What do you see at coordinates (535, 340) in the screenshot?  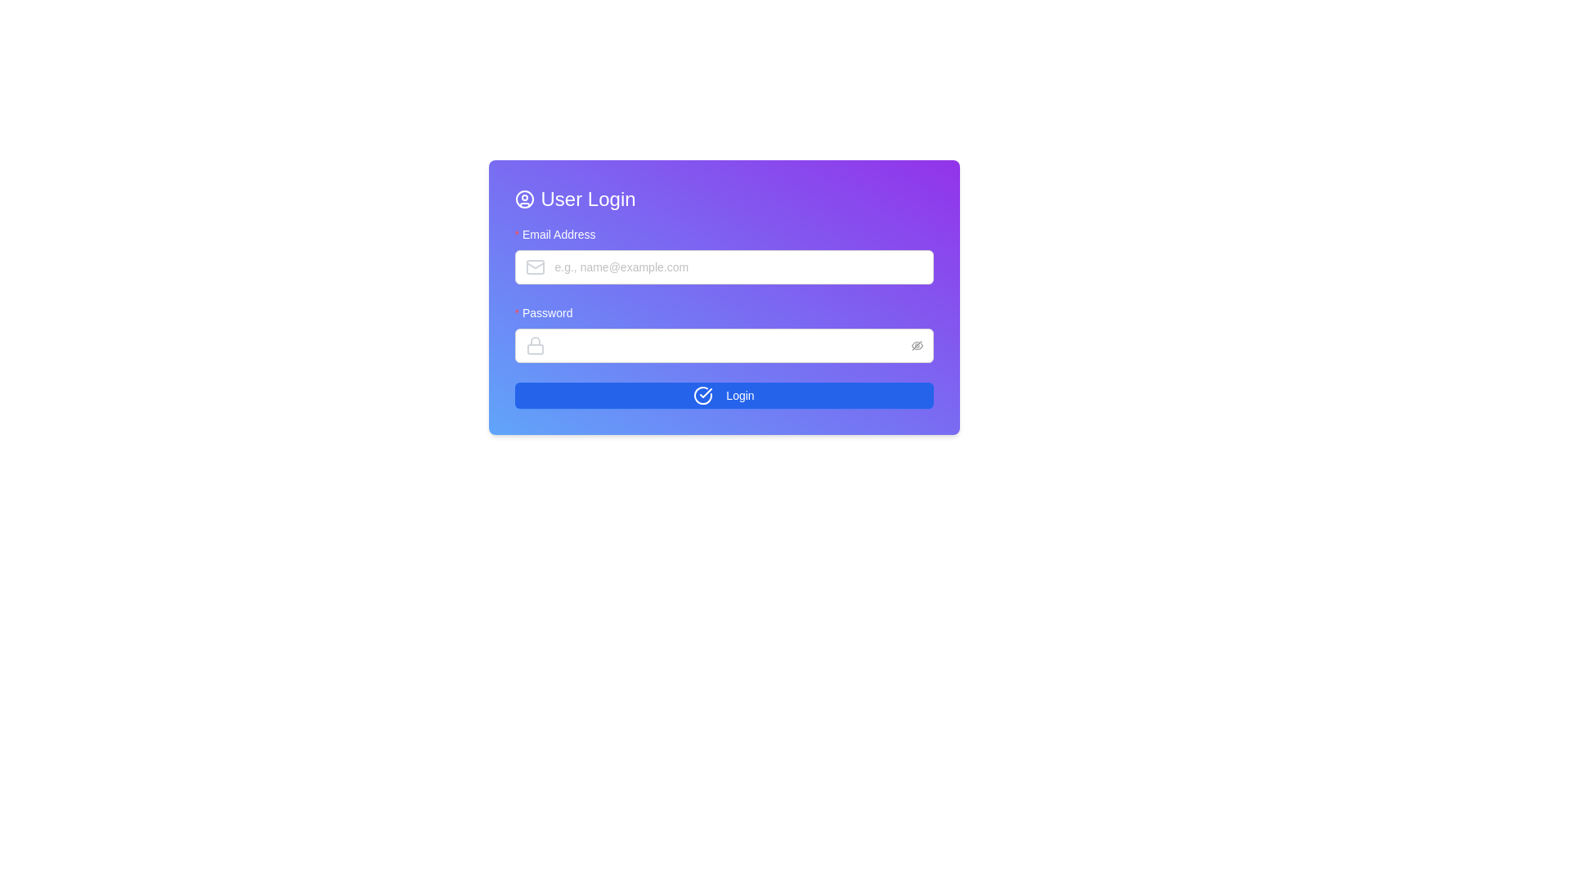 I see `the upper segment of the lock icon representing the lock's shackle, which is part of the SVG icon indicating security and confidentiality` at bounding box center [535, 340].